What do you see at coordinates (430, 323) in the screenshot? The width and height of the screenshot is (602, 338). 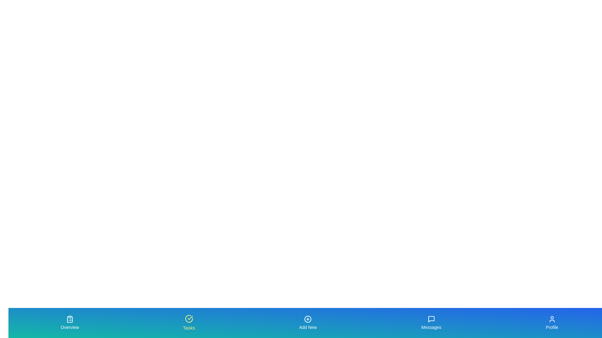 I see `the tab Messages by clicking on its button` at bounding box center [430, 323].